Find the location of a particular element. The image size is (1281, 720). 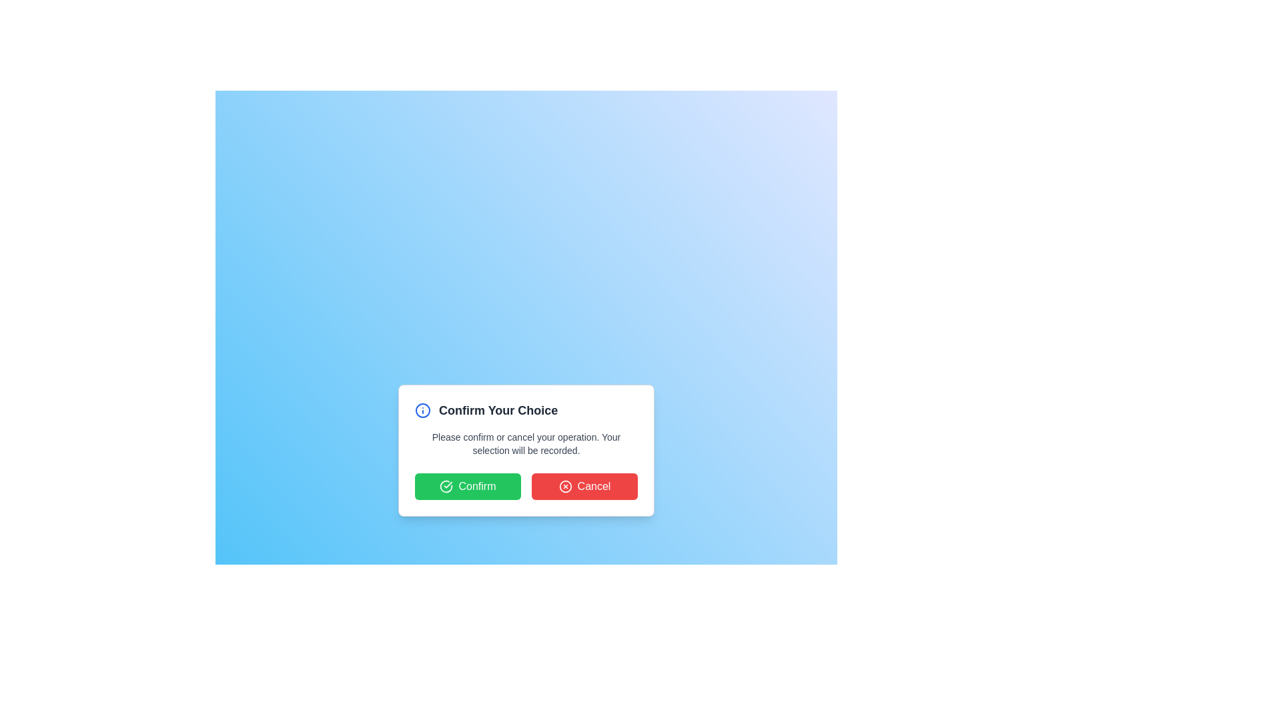

the circular SVG graphic element that is part of the informational icon to the left of the 'Confirm Your Choice' heading in the modal dialog is located at coordinates (422, 410).